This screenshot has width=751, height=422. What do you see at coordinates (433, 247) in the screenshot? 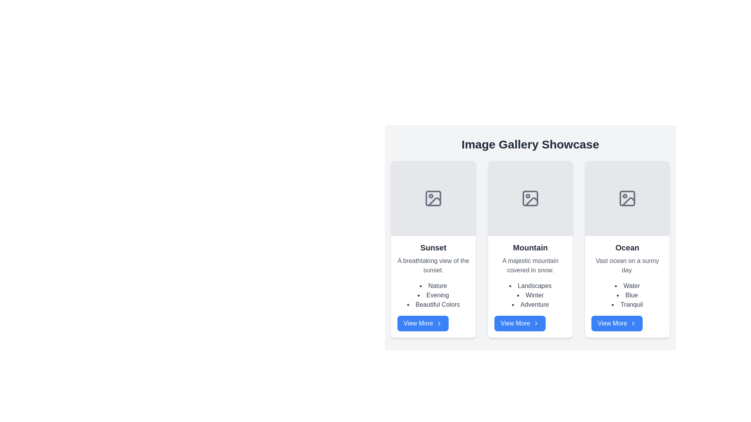
I see `text from the header label located at the top of the leftmost card, which describes the primary subject of the card below it` at bounding box center [433, 247].